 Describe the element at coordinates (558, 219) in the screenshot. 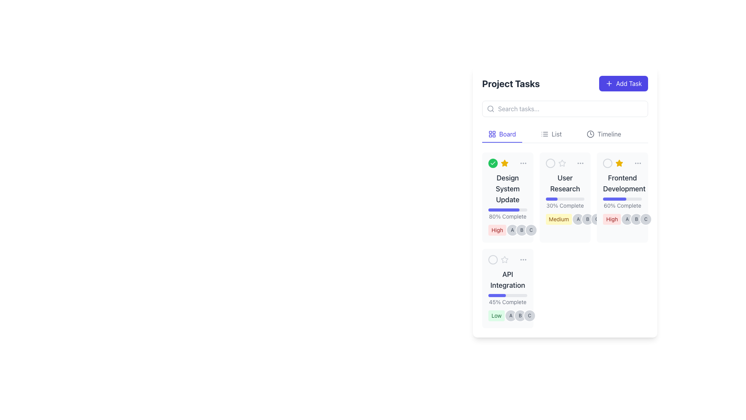

I see `the priority level label indicating the medium importance of the 'User Research' task, located below the blue progress bar at '30% Complete'` at that location.